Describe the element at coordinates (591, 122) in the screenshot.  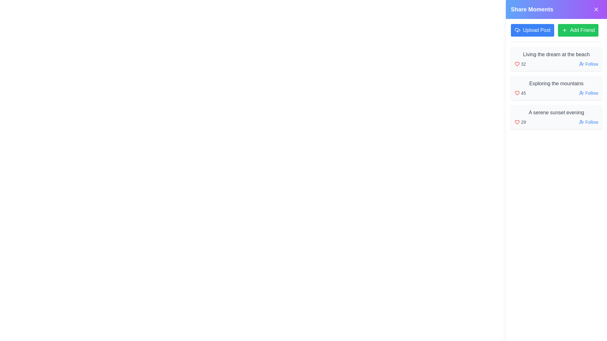
I see `the follow button located in the bottom-right corner of the segment labeled 'A serene sunset evening' in the last post block to follow the user or post` at that location.